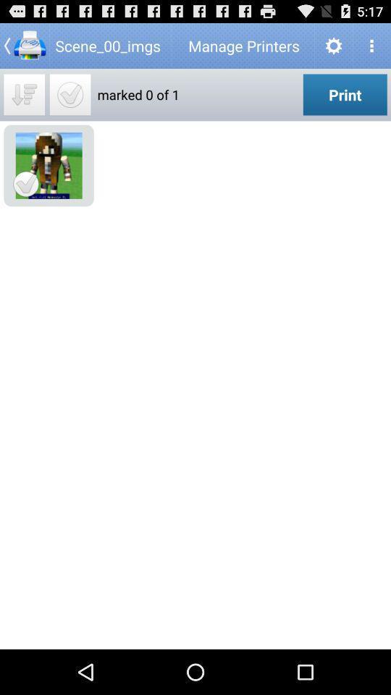 This screenshot has width=391, height=695. I want to click on the filter_list icon, so click(23, 100).